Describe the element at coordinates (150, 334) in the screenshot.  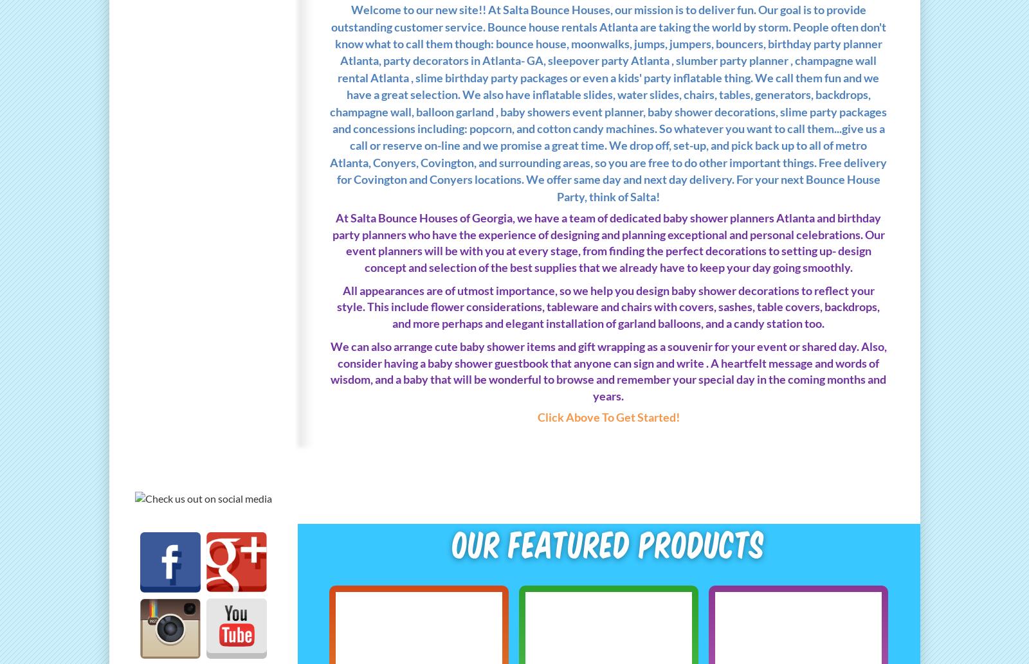
I see `'Info/FAQs'` at that location.